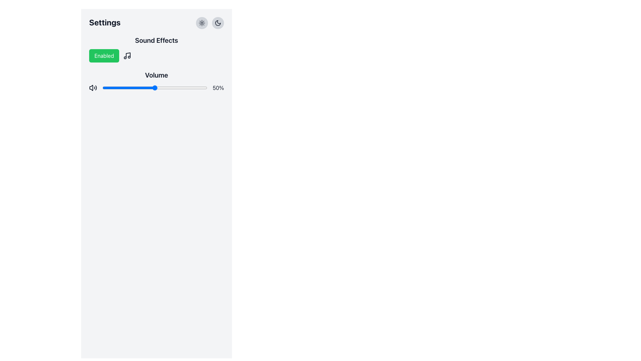 Image resolution: width=641 pixels, height=361 pixels. I want to click on the circular sun icon button located at the top-right corner of the settings panel, so click(201, 23).